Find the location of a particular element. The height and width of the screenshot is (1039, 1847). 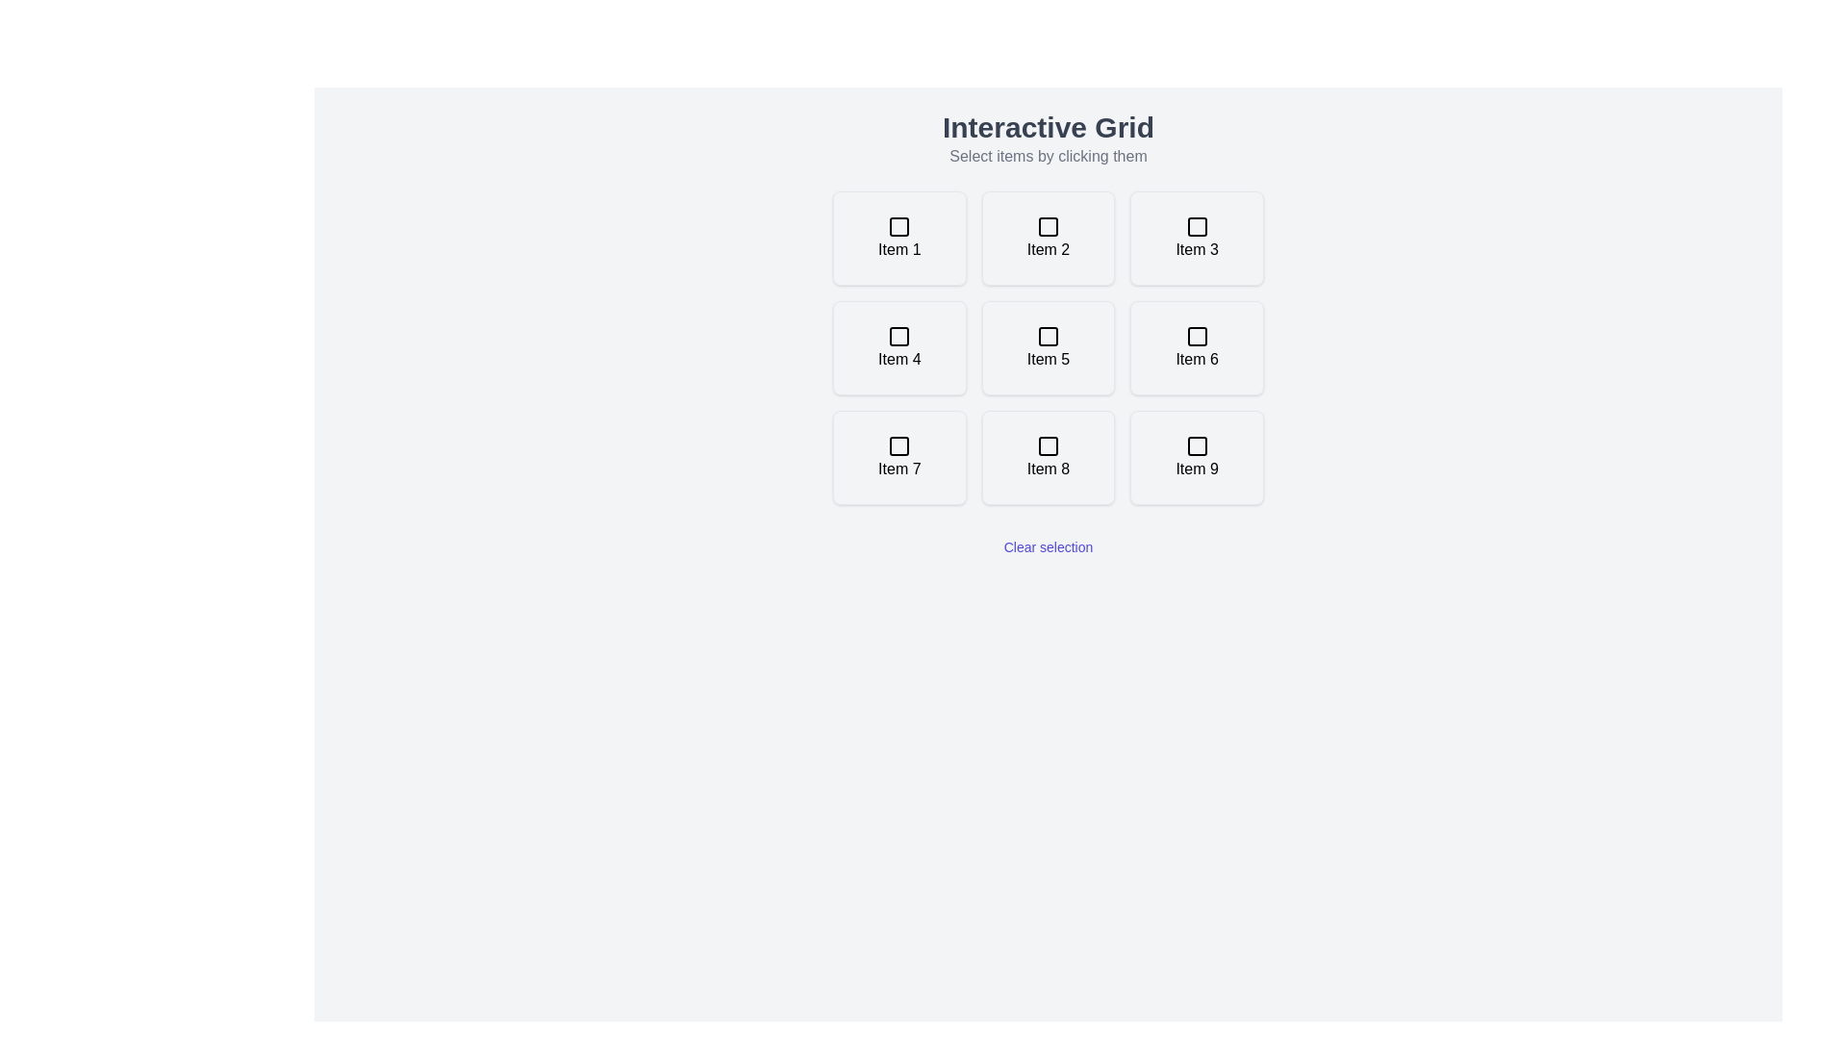

the visual indicator, a small rectangle with rounded corners located in the center of the sixth box labeled 'Item 6' on the grid interface is located at coordinates (1196, 336).